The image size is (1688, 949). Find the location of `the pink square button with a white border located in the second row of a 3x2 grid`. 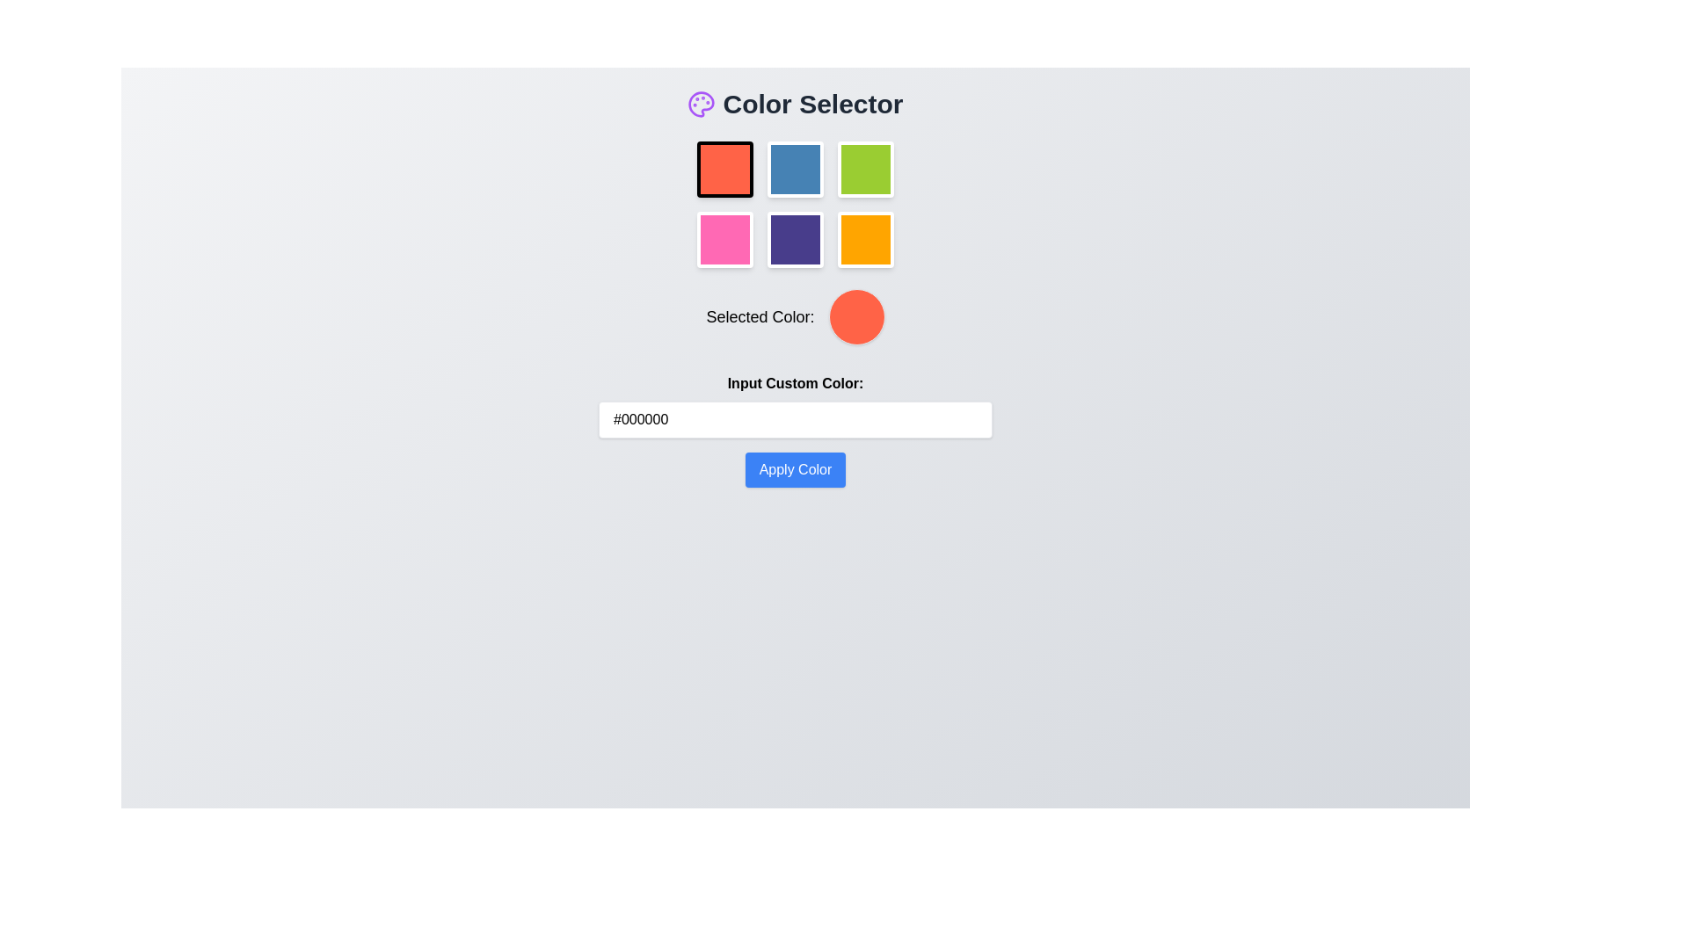

the pink square button with a white border located in the second row of a 3x2 grid is located at coordinates (725, 240).